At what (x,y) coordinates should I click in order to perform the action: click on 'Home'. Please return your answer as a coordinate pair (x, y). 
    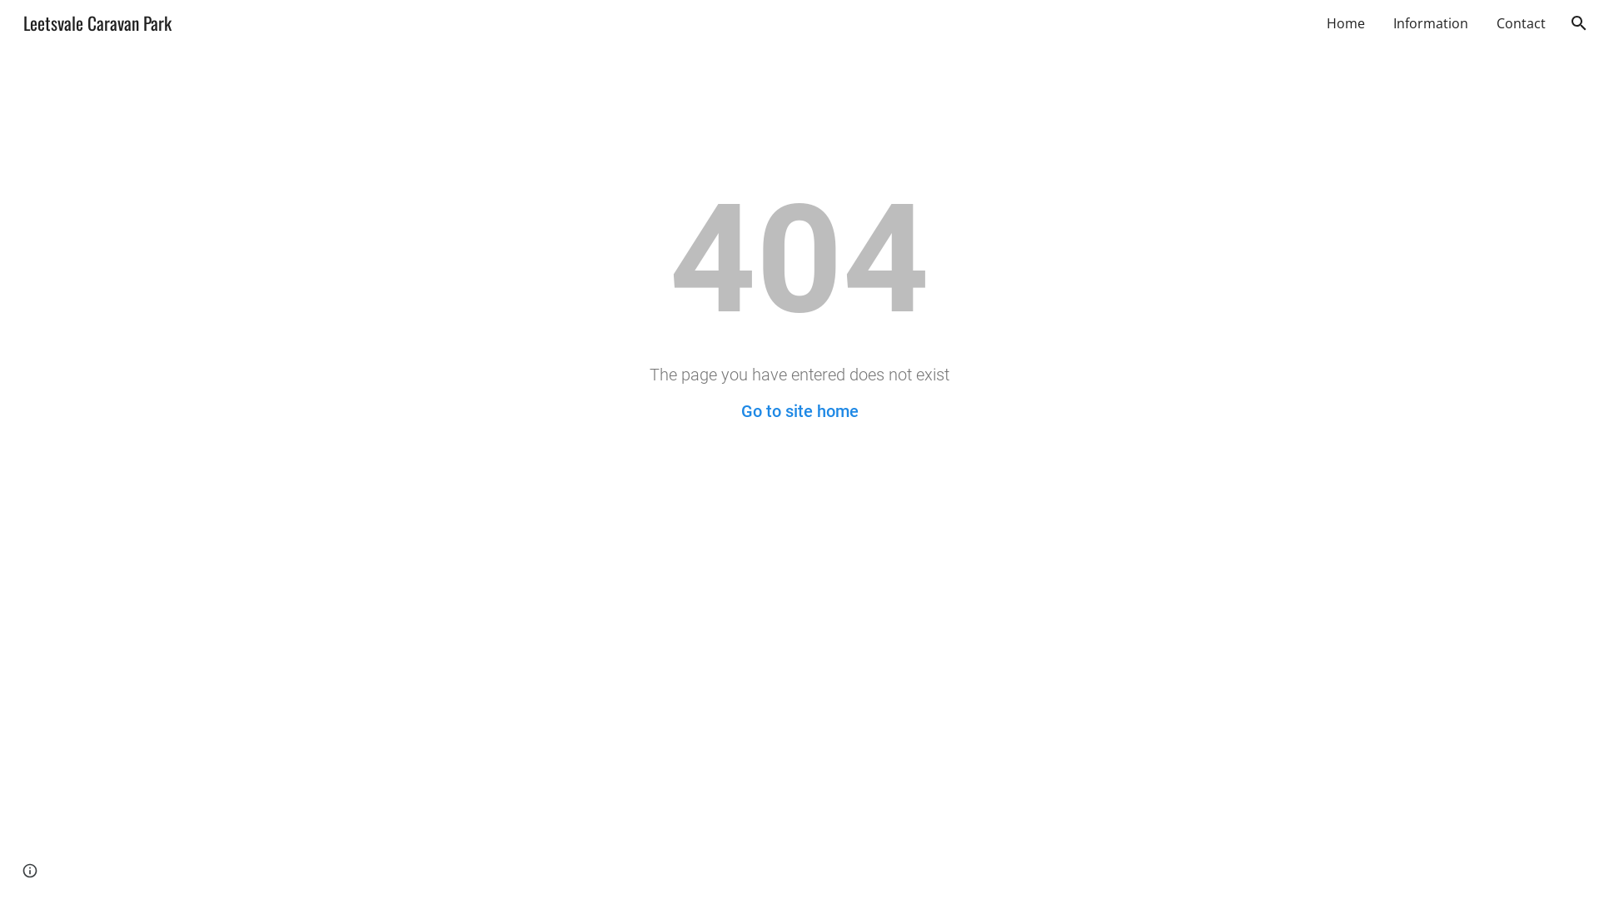
    Looking at the image, I should click on (1318, 22).